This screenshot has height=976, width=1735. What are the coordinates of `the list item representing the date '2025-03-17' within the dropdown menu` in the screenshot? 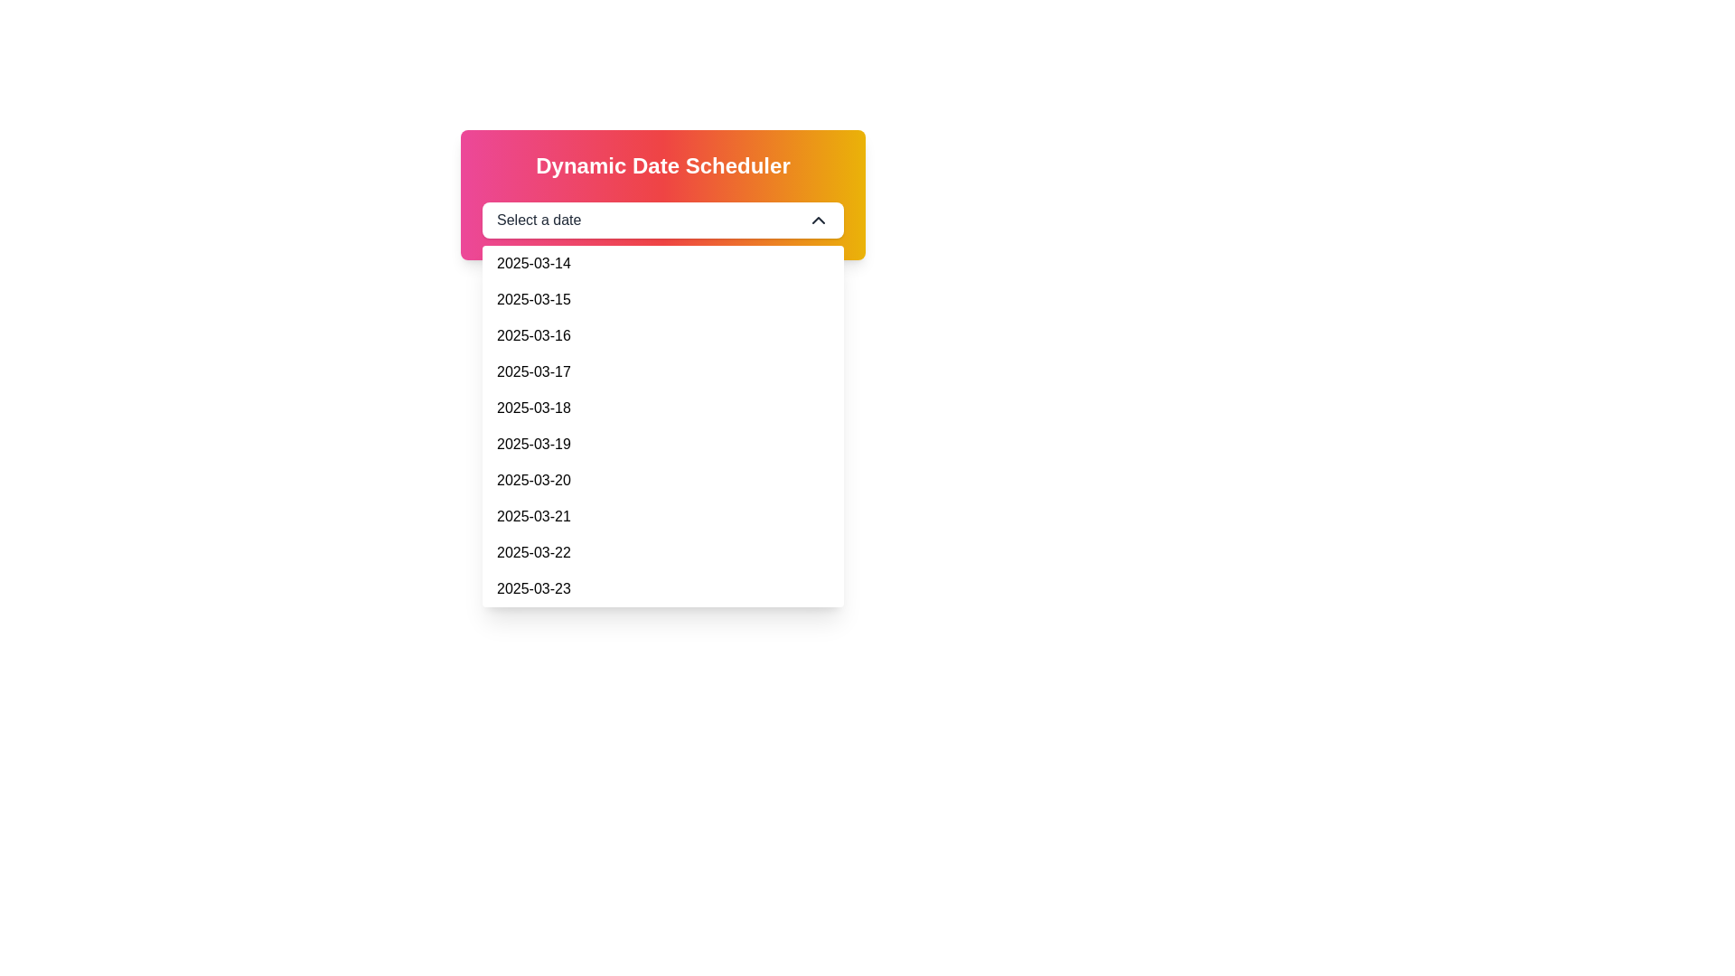 It's located at (662, 371).